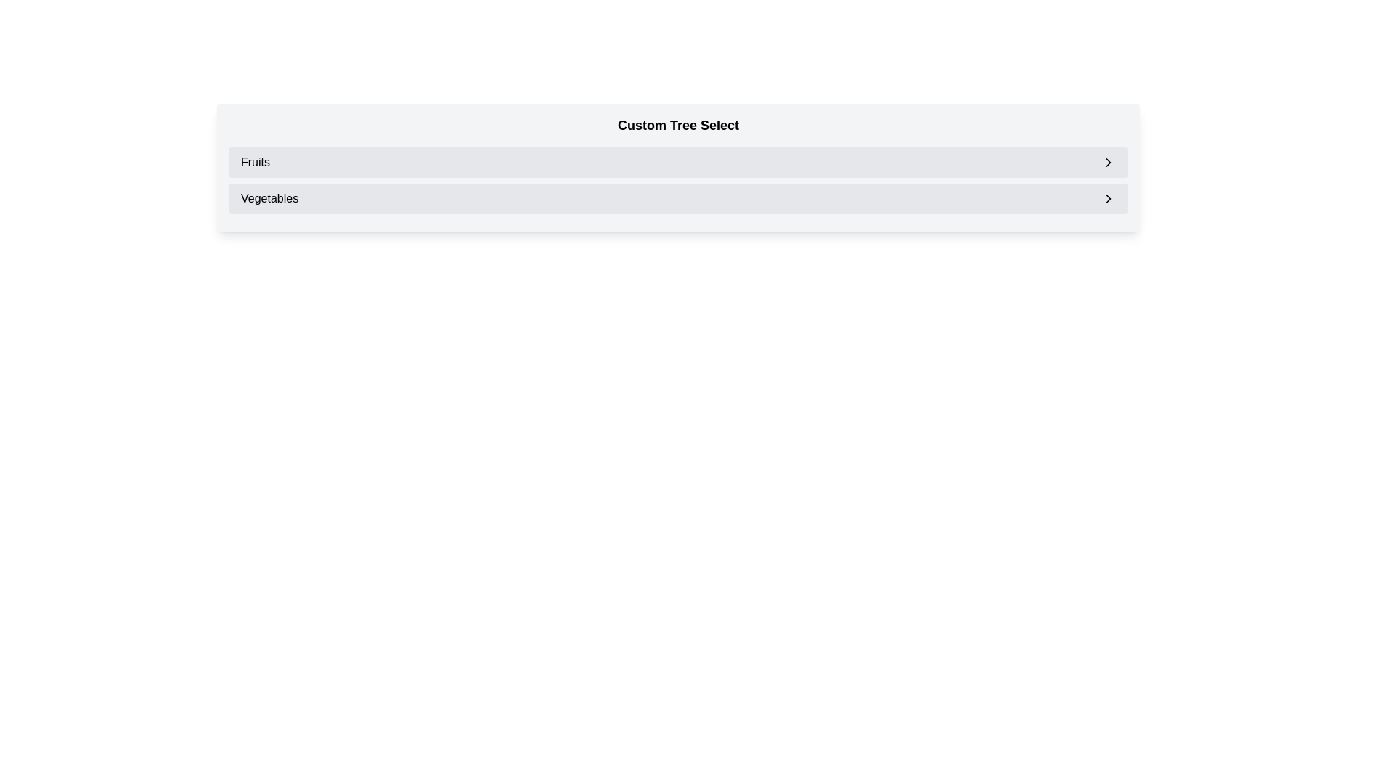 The image size is (1394, 784). What do you see at coordinates (1107, 162) in the screenshot?
I see `the Chevron icon located on the right edge of the 'Fruits' list item` at bounding box center [1107, 162].